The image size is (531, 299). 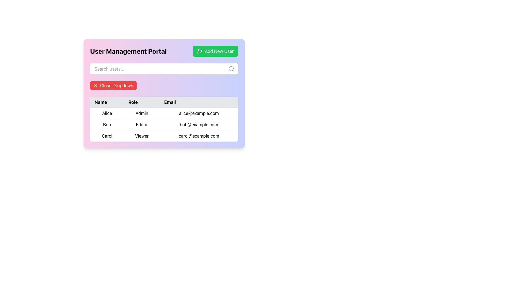 I want to click on the static text indicating the role assigned to the user 'Bob' in the user management system, located in the second row of the 'Role' column of a table, between 'Bob' in the 'Name' column and 'bob@example.com' in the 'Email' column, so click(x=142, y=125).